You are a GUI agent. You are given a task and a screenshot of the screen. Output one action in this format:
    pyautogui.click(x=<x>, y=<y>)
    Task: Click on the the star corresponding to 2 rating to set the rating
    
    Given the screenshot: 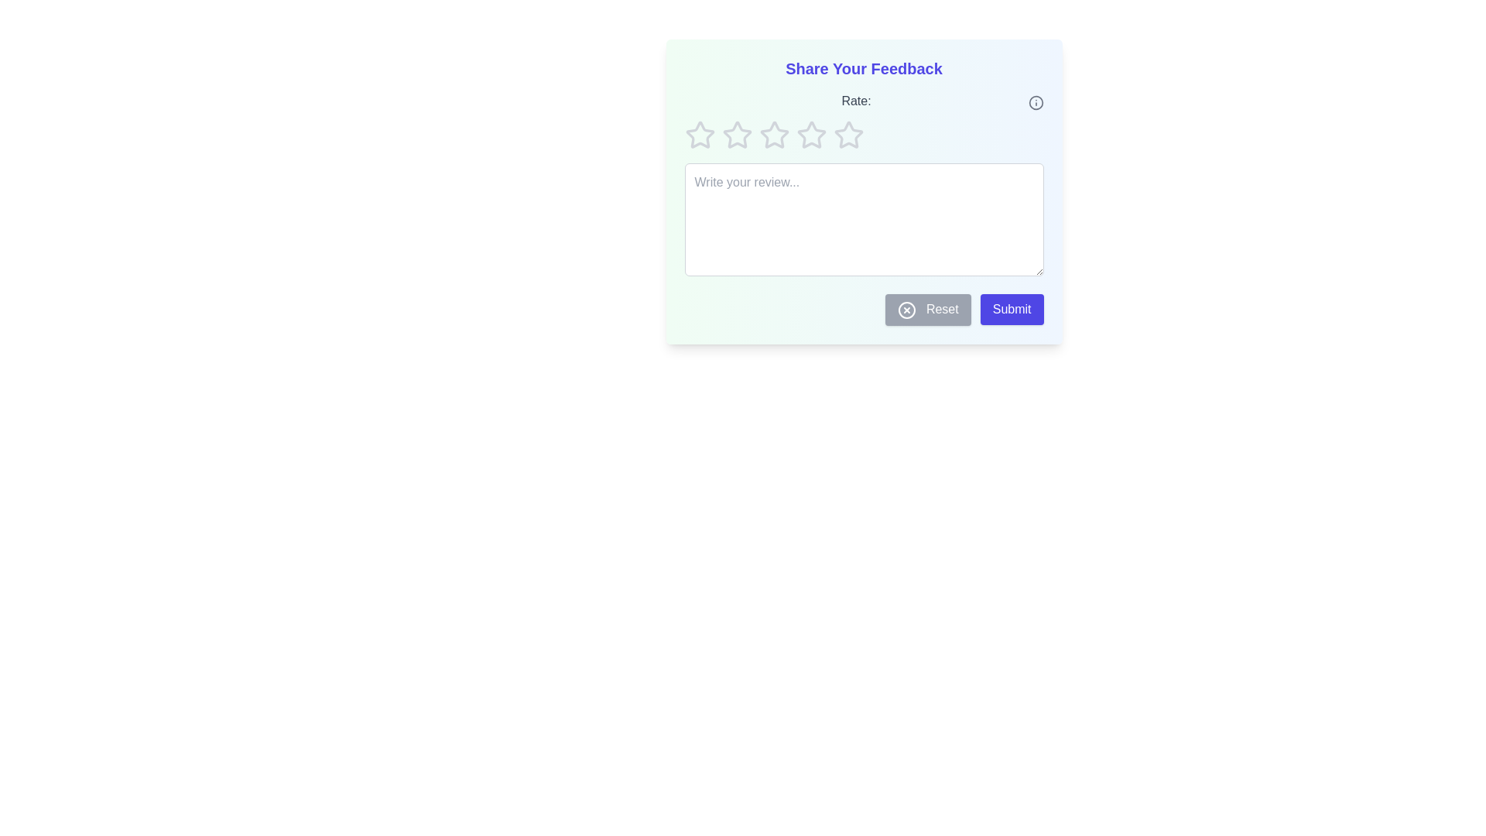 What is the action you would take?
    pyautogui.click(x=736, y=134)
    